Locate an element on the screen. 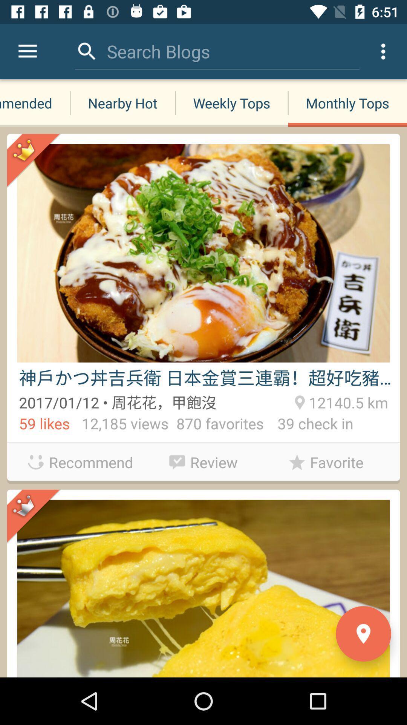  item to the right of the review item is located at coordinates (326, 462).